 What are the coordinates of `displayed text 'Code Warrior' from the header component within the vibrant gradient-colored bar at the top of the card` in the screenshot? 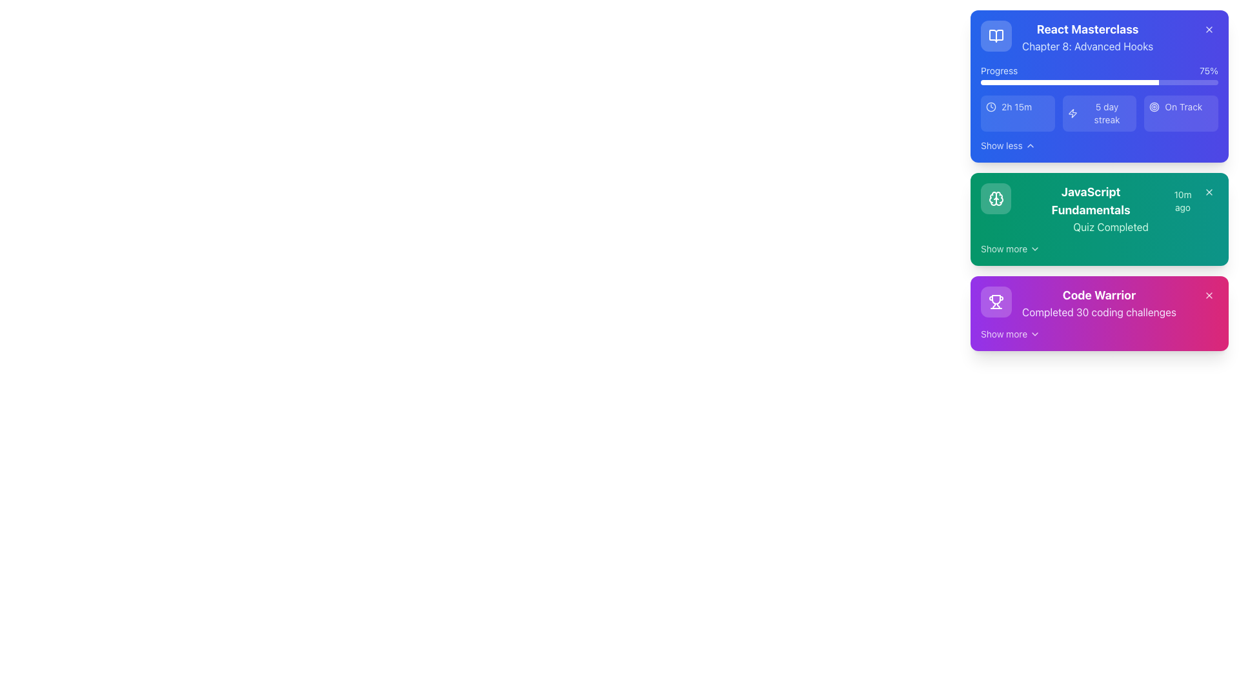 It's located at (1098, 296).